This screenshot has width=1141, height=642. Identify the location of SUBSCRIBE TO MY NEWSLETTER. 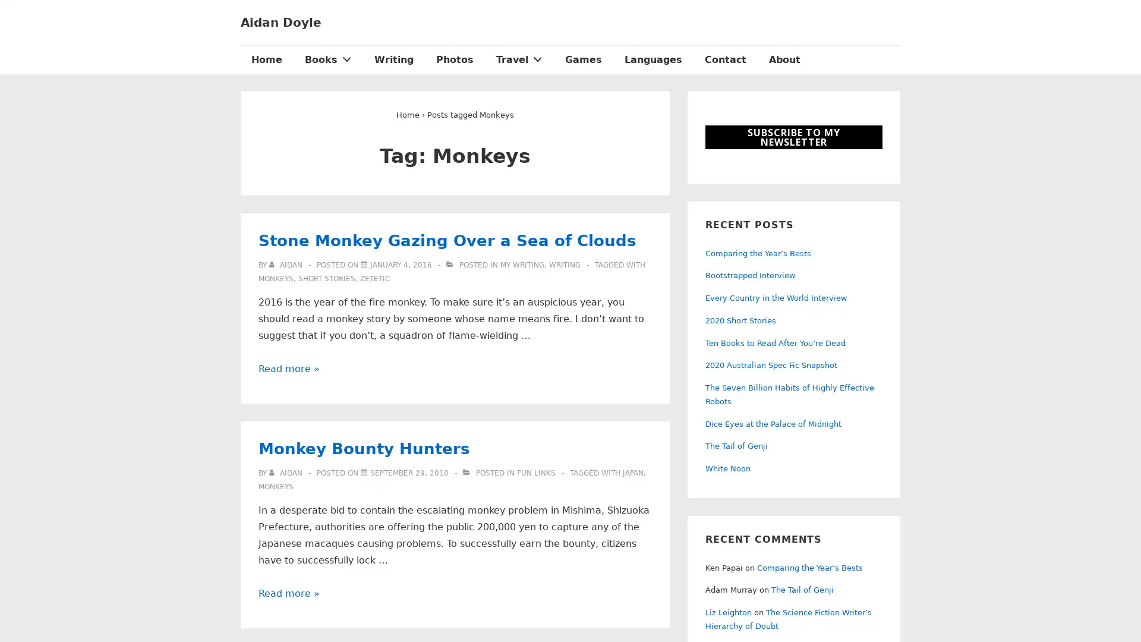
(793, 137).